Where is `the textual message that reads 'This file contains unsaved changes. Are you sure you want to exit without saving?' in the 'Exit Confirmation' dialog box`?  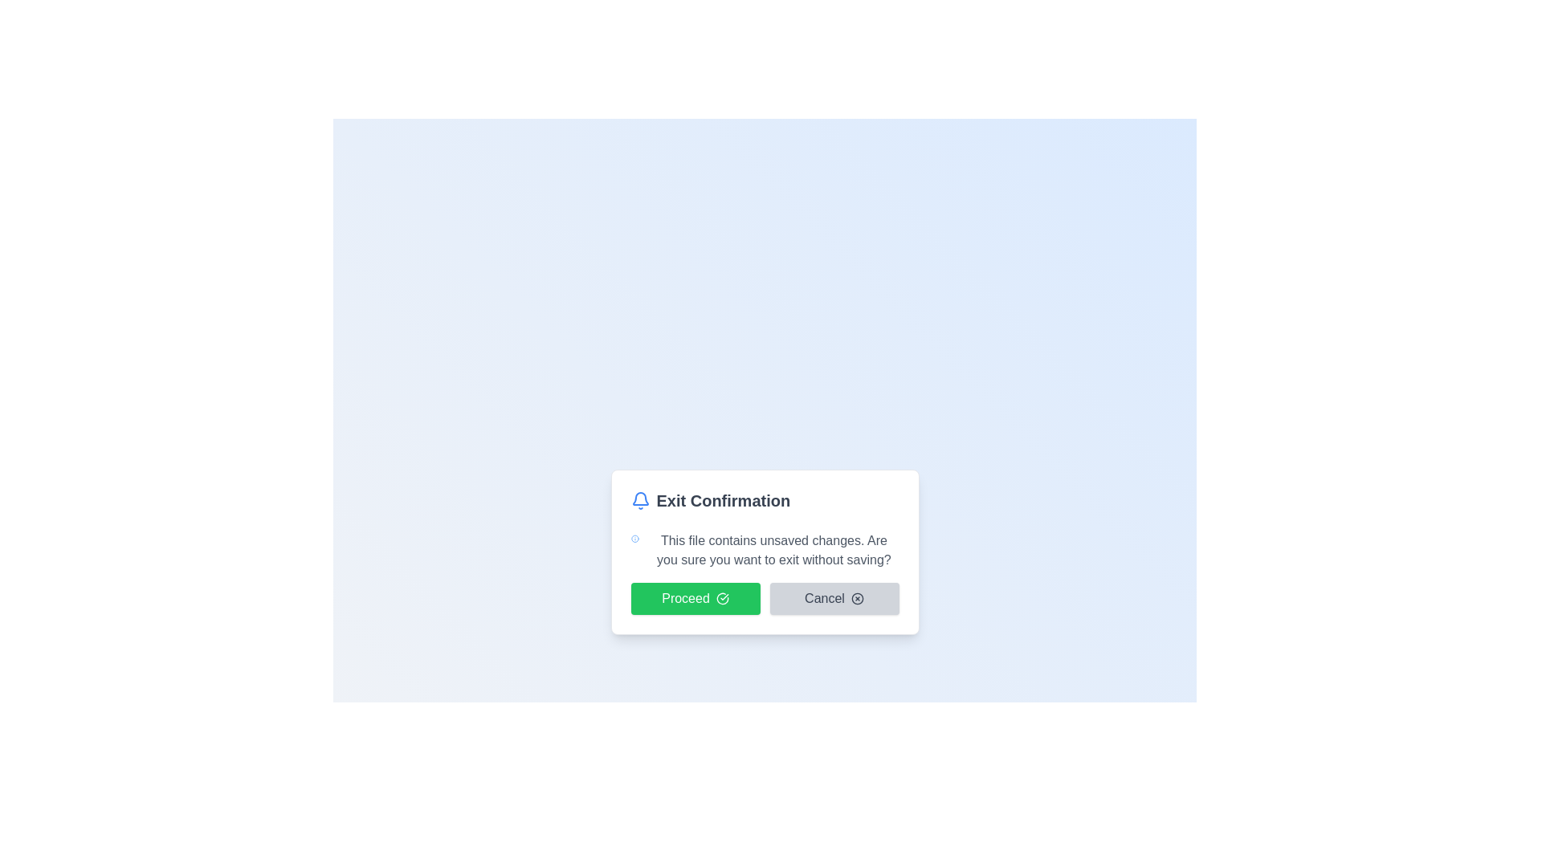 the textual message that reads 'This file contains unsaved changes. Are you sure you want to exit without saving?' in the 'Exit Confirmation' dialog box is located at coordinates (773, 550).